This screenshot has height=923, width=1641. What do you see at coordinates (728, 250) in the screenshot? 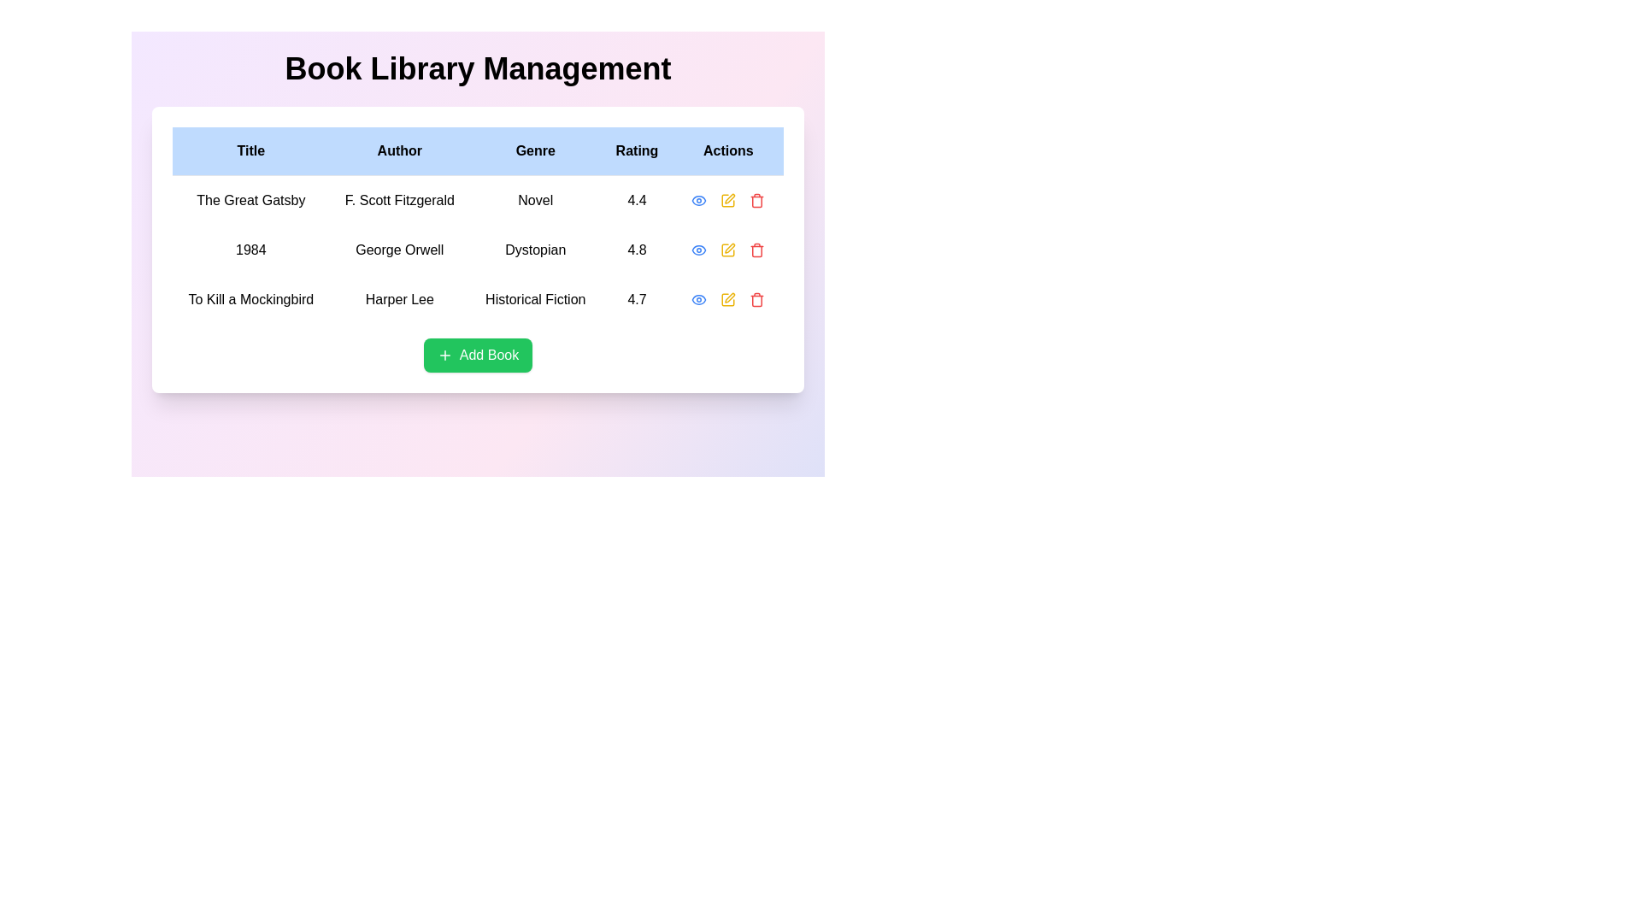
I see `the Icon button in the 'Actions' column of the '1984' row` at bounding box center [728, 250].